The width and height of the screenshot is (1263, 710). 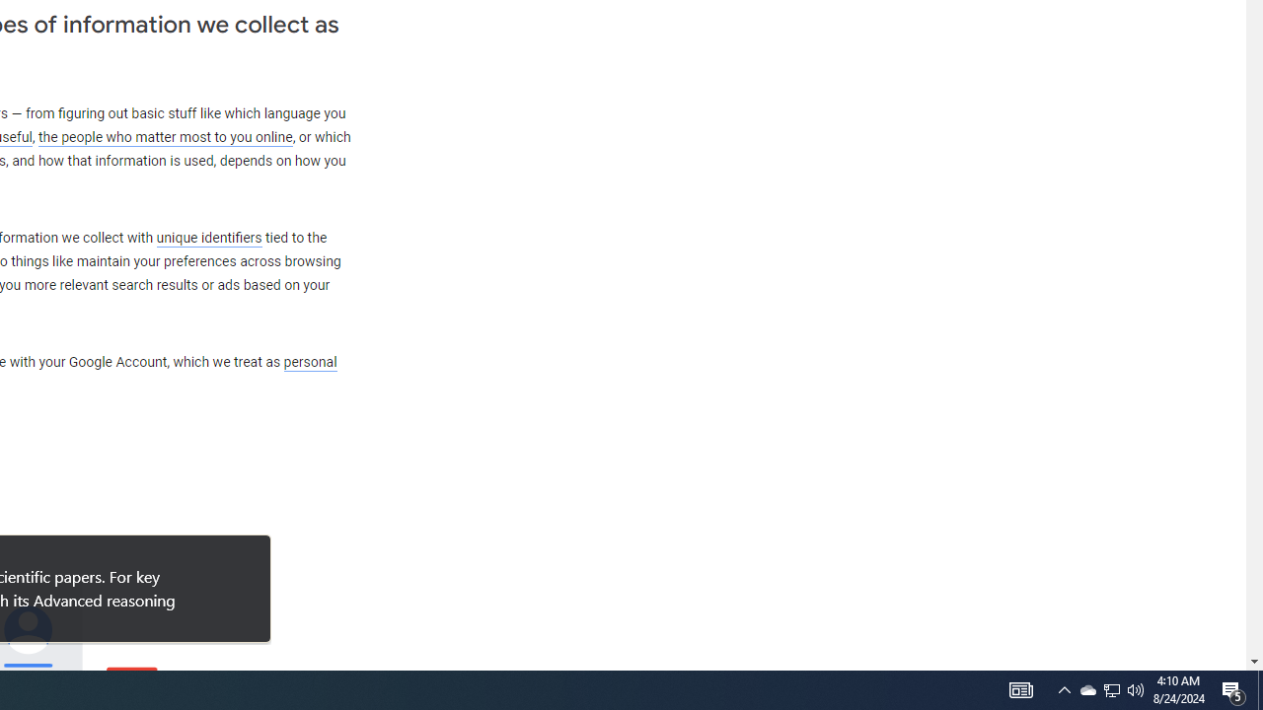 I want to click on 'unique identifiers', so click(x=208, y=237).